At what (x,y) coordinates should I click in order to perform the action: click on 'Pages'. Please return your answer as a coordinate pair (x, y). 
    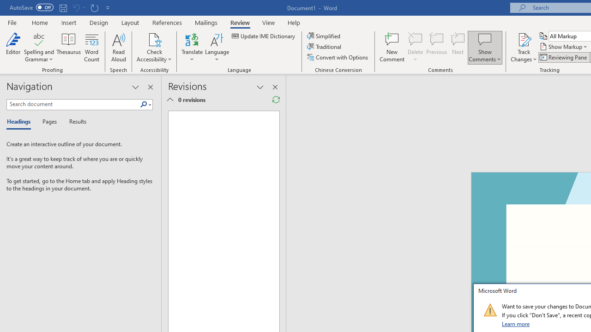
    Looking at the image, I should click on (48, 122).